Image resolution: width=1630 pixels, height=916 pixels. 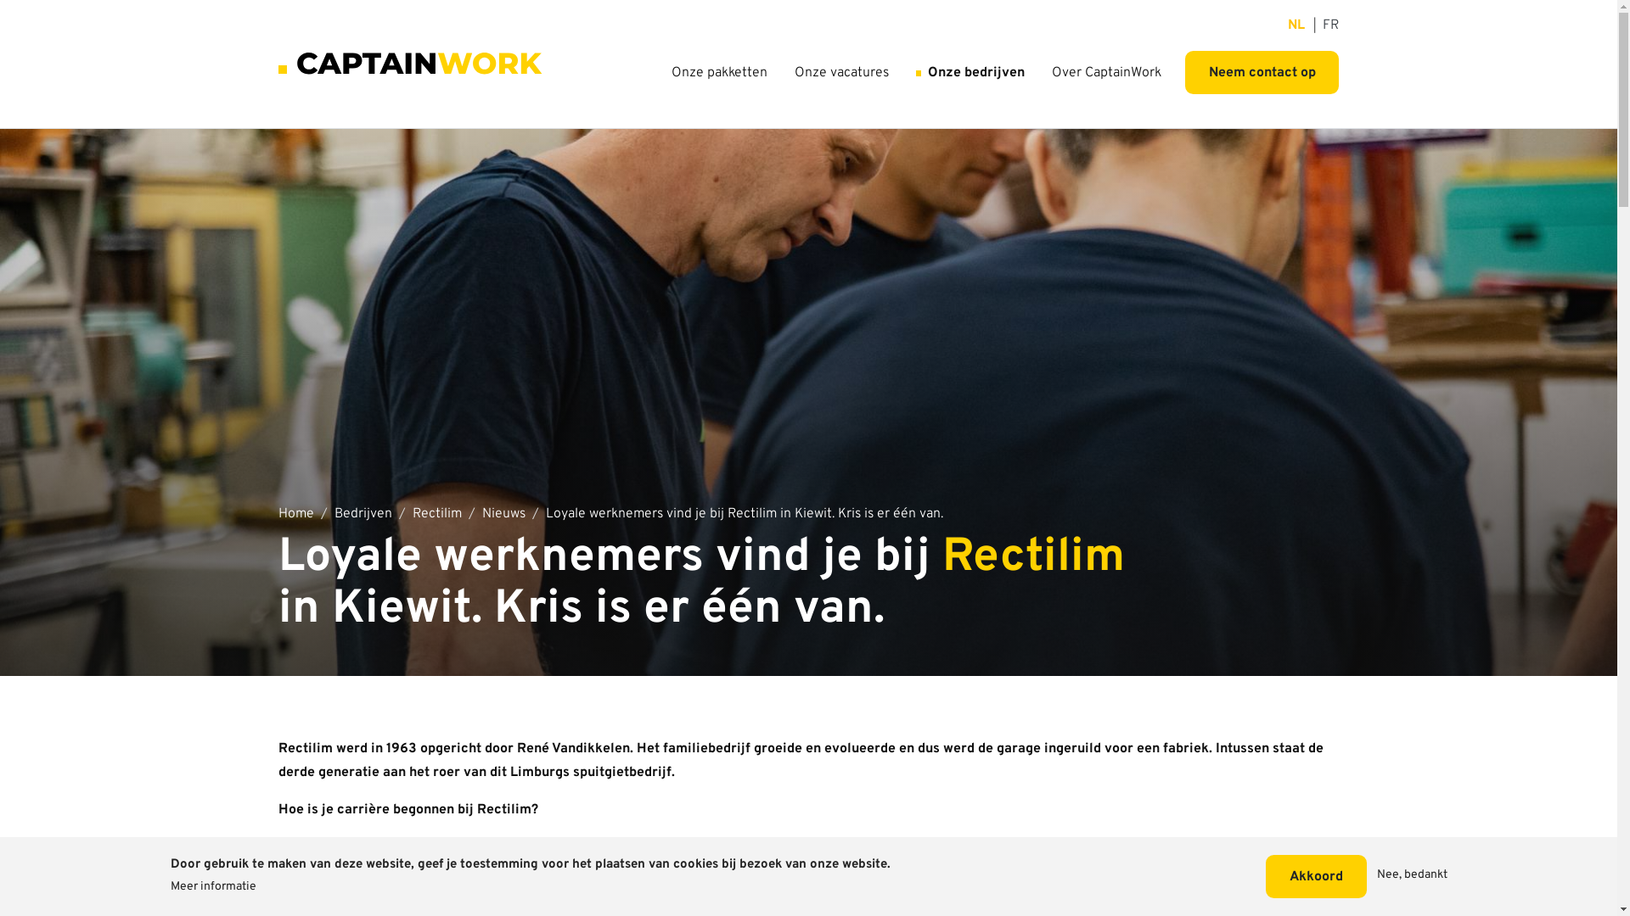 What do you see at coordinates (841, 71) in the screenshot?
I see `'Onze vacatures'` at bounding box center [841, 71].